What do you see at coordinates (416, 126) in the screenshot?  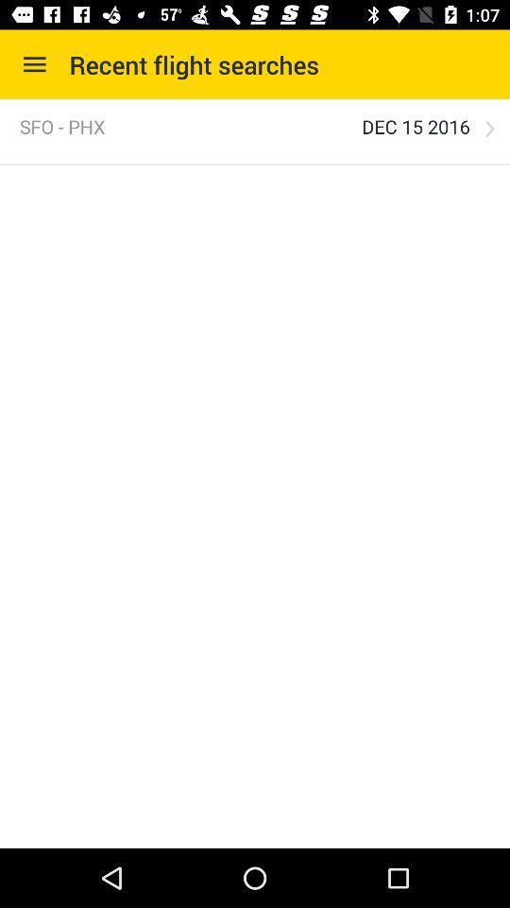 I see `the icon next to sfo - phx item` at bounding box center [416, 126].